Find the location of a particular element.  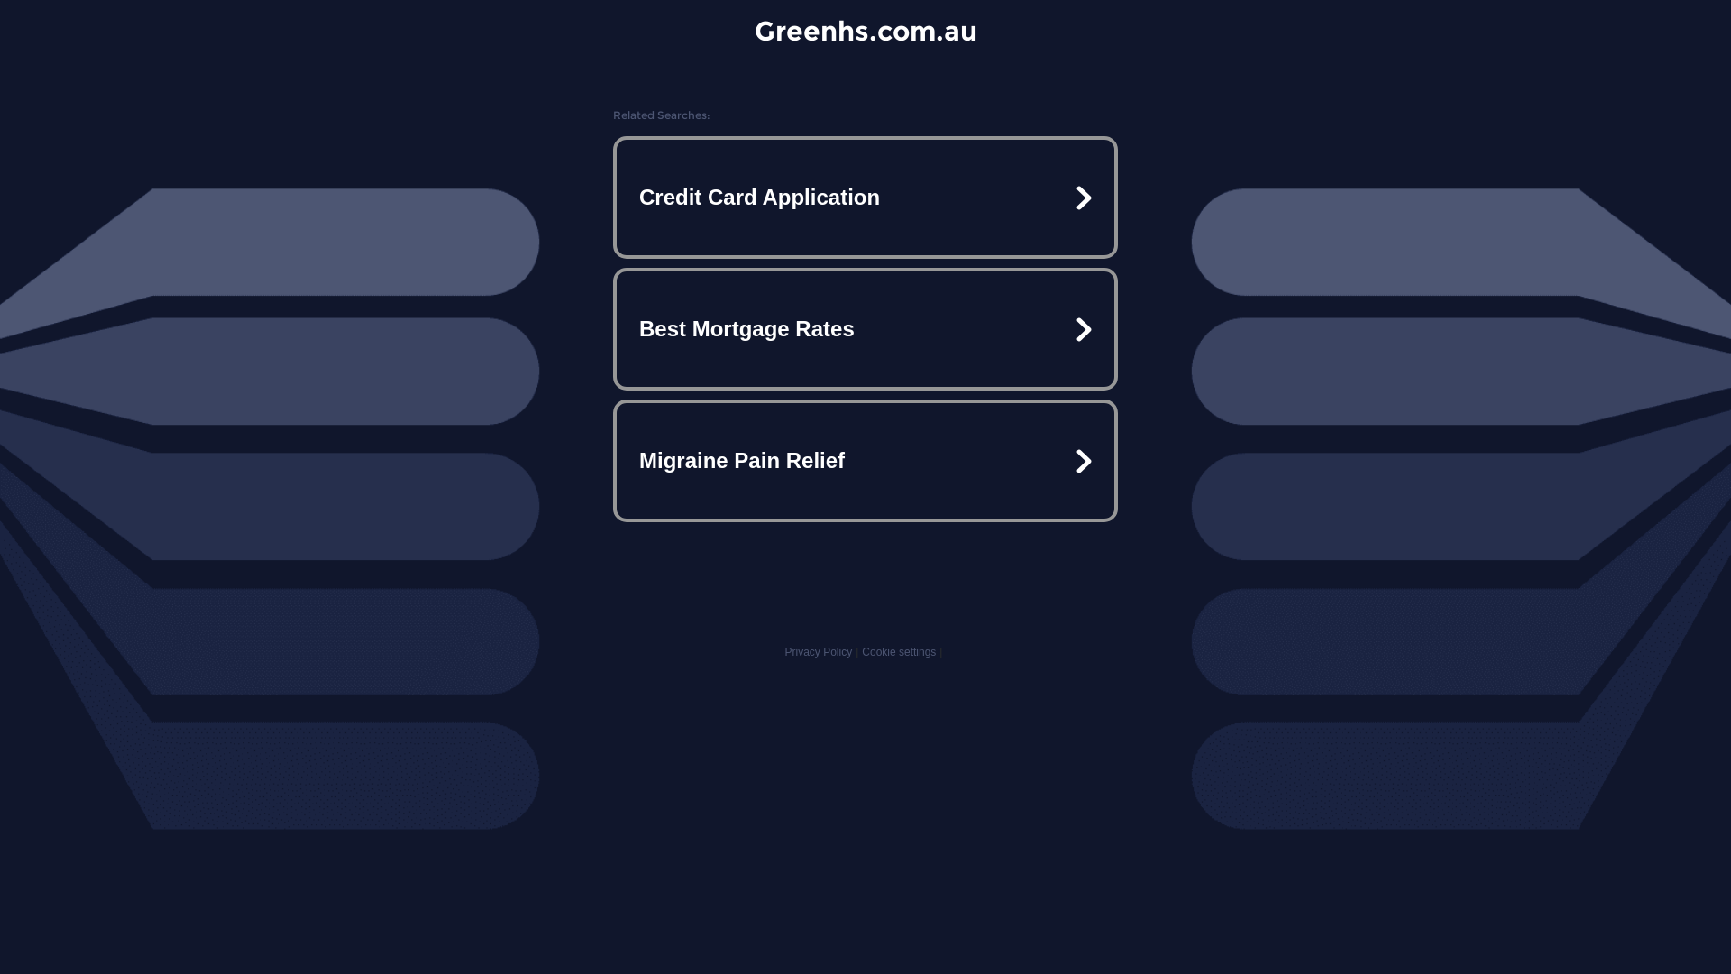

'Greenhs.com.au' is located at coordinates (864, 31).